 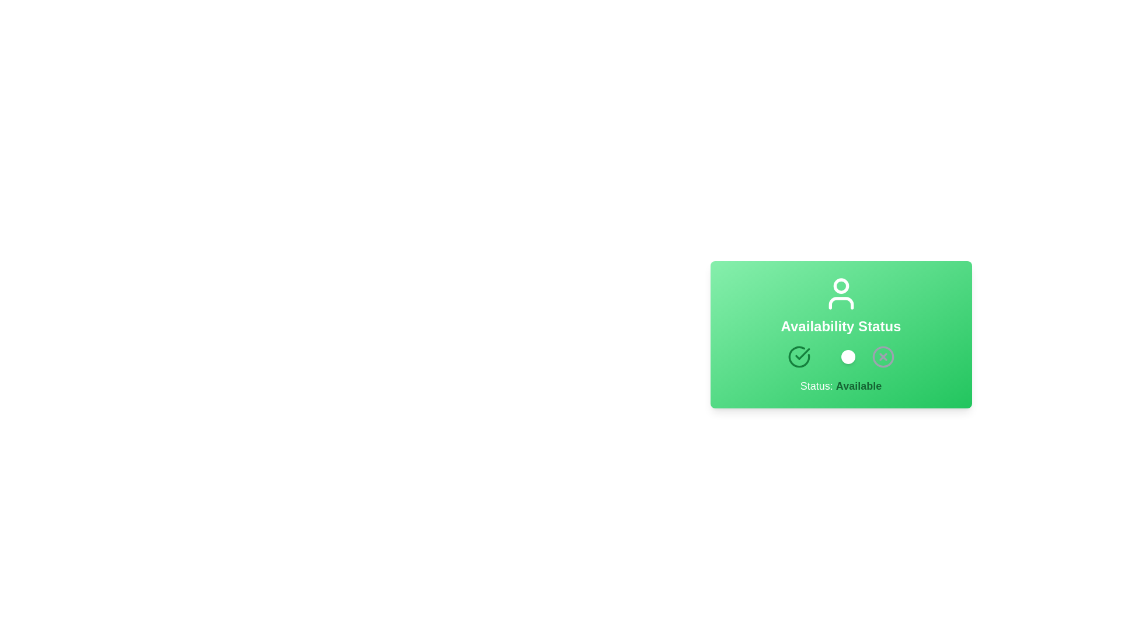 I want to click on the 'Availability Status' text label, which is displayed in white font against a green gradient background, centered within a card layout, so click(x=841, y=305).